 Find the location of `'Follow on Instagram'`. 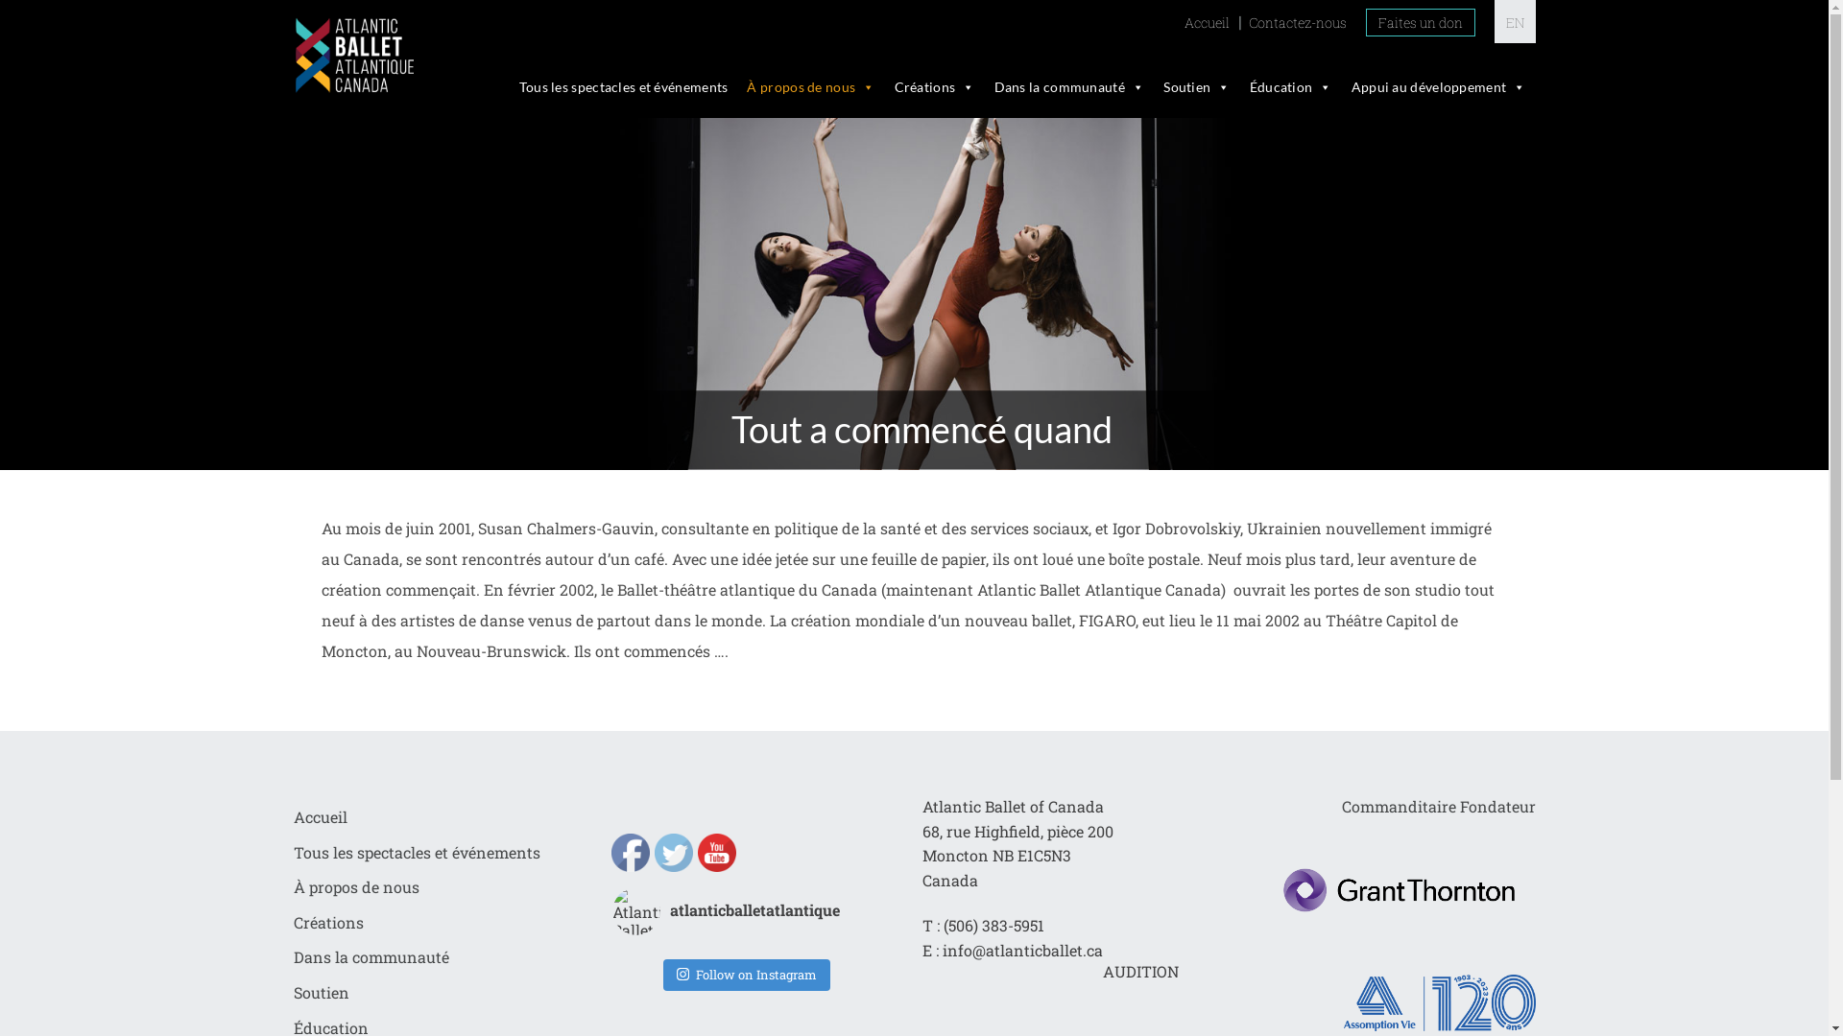

'Follow on Instagram' is located at coordinates (745, 976).